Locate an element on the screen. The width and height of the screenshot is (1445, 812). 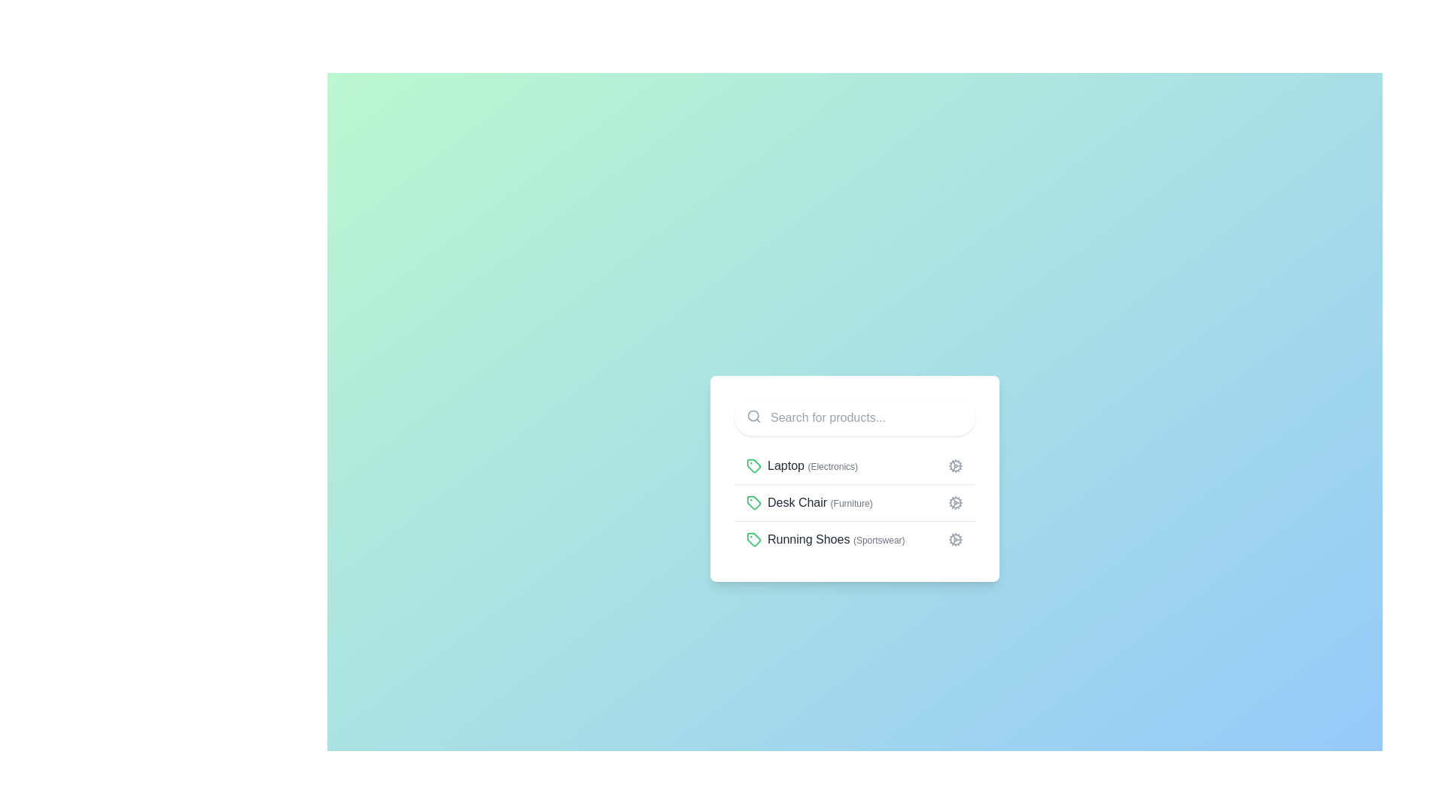
the descriptive label indicating 'Sportswear' that is positioned to the right of 'Running Shoes' in the list of items is located at coordinates (879, 539).